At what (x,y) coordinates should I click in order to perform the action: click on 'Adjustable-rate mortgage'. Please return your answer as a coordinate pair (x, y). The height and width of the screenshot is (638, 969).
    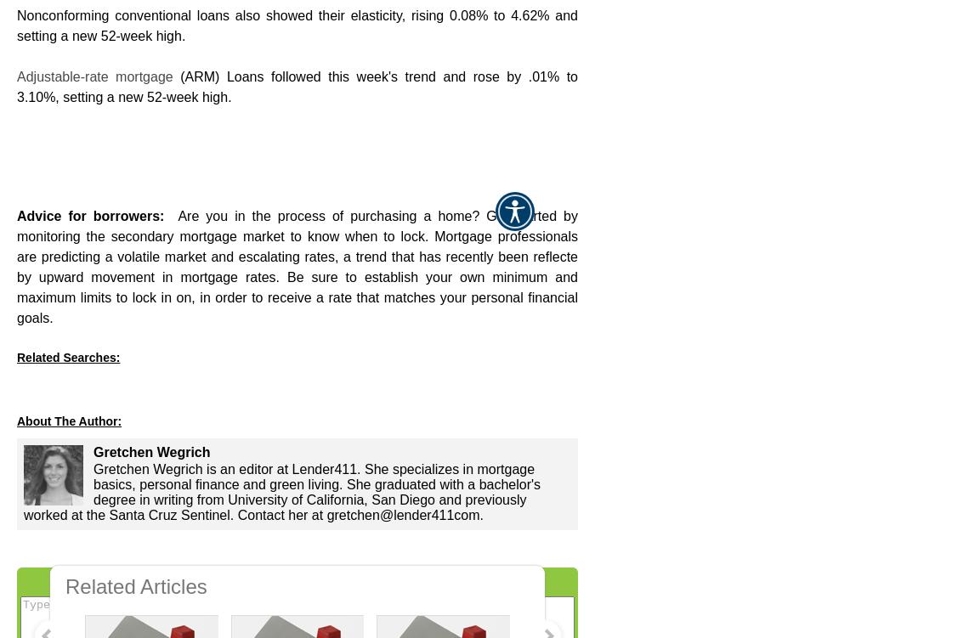
    Looking at the image, I should click on (93, 76).